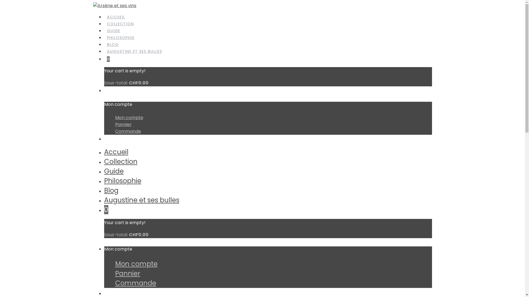 Image resolution: width=529 pixels, height=297 pixels. I want to click on 'Accueil', so click(116, 152).